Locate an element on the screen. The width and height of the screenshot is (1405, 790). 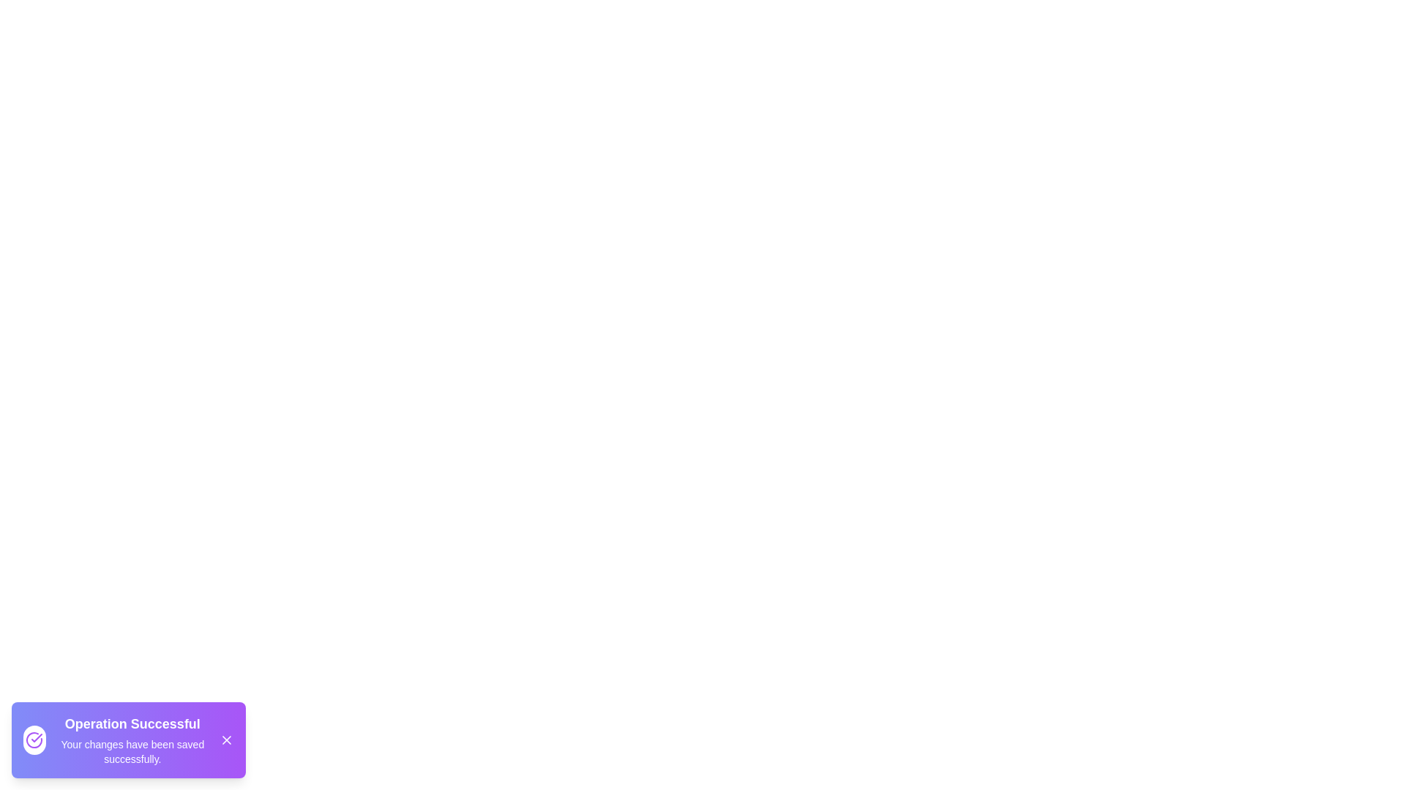
the close button to dismiss the snackbar is located at coordinates (226, 740).